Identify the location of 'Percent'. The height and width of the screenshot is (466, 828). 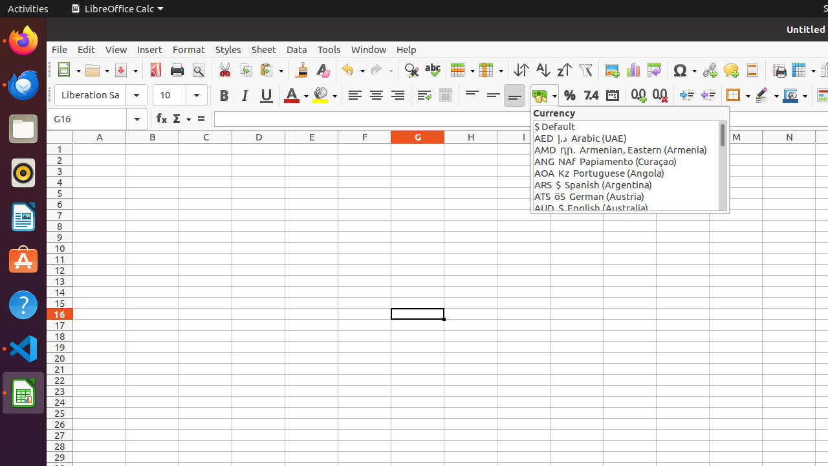
(569, 94).